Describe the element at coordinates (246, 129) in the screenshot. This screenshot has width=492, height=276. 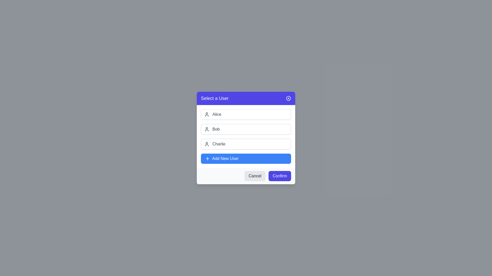
I see `the user selection button labeled 'Bob', which is the second option in a list of users within the modal window 'Select a User'` at that location.